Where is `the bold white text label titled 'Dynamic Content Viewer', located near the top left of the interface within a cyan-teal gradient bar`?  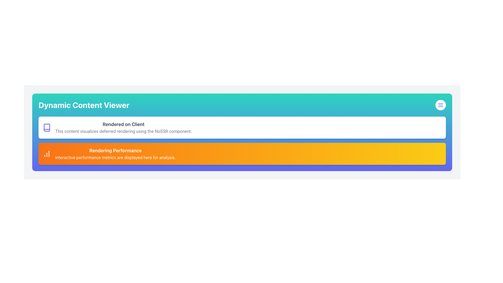
the bold white text label titled 'Dynamic Content Viewer', located near the top left of the interface within a cyan-teal gradient bar is located at coordinates (84, 105).